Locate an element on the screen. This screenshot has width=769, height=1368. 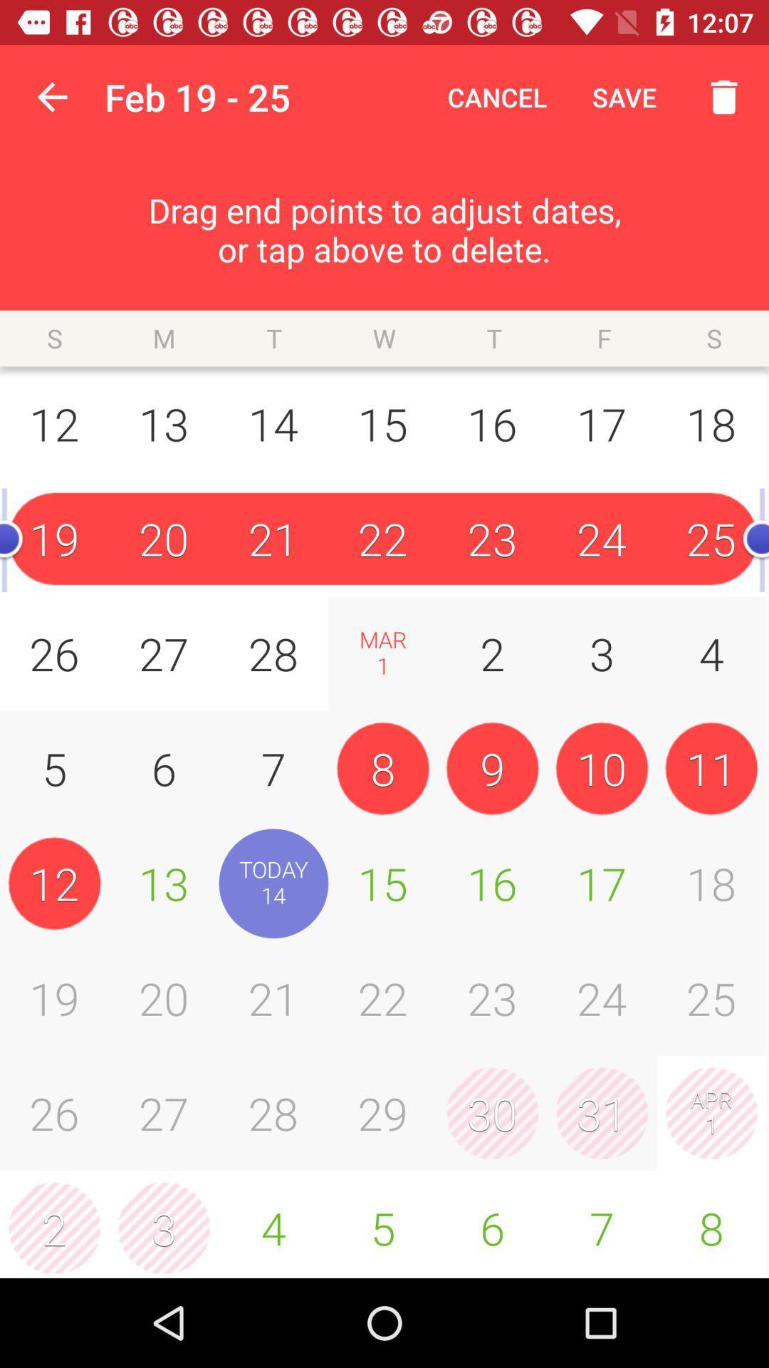
item to the right of the cancel icon is located at coordinates (624, 96).